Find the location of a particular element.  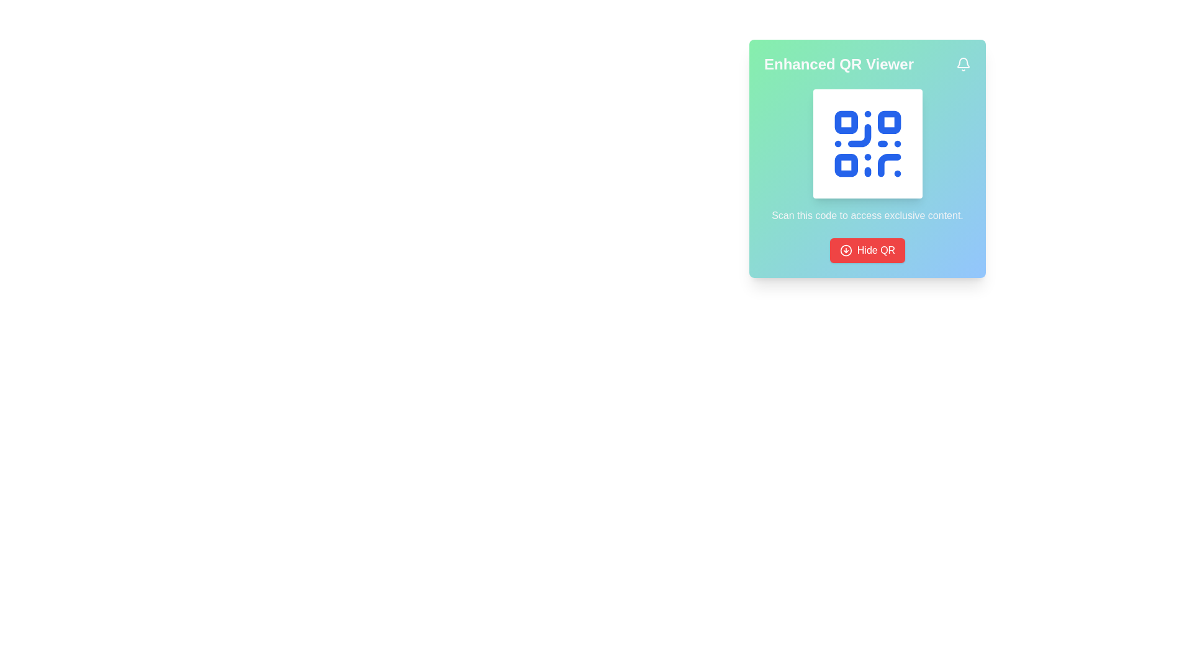

the circular icon component representing an arrow located in the top-right corner of the 'Enhanced QR Viewer' panel is located at coordinates (845, 251).